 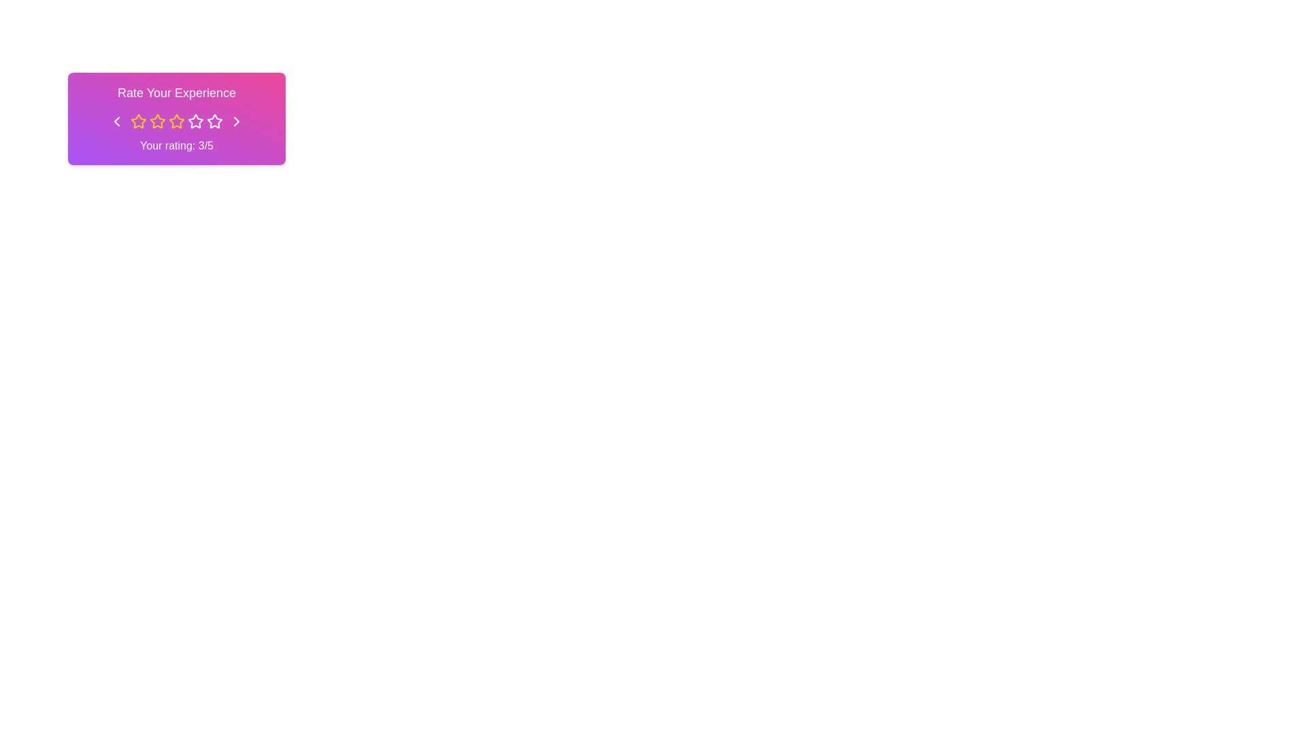 I want to click on the third star in the 5-star rating system, so click(x=175, y=120).